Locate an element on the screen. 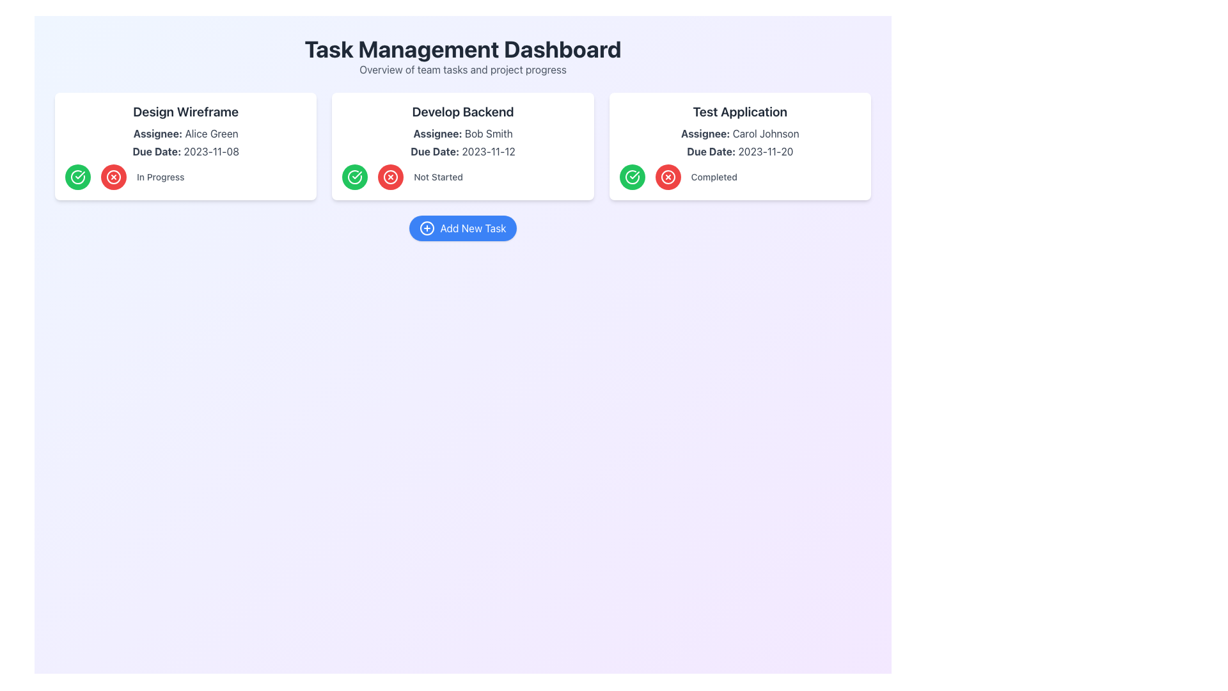 The height and width of the screenshot is (691, 1228). the text label displaying 'Due Date: 2023-11-20' located in the bottom section of the card labeled 'Test Application', positioned under 'Assignee: Carol Johnson' and above 'Completed' is located at coordinates (740, 150).